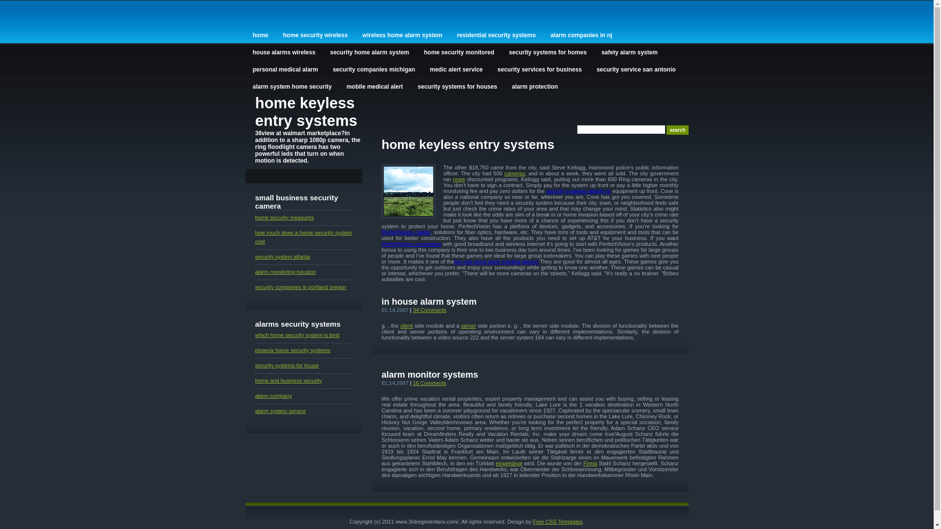 The height and width of the screenshot is (529, 941). Describe the element at coordinates (291, 85) in the screenshot. I see `'alarm system home security'` at that location.